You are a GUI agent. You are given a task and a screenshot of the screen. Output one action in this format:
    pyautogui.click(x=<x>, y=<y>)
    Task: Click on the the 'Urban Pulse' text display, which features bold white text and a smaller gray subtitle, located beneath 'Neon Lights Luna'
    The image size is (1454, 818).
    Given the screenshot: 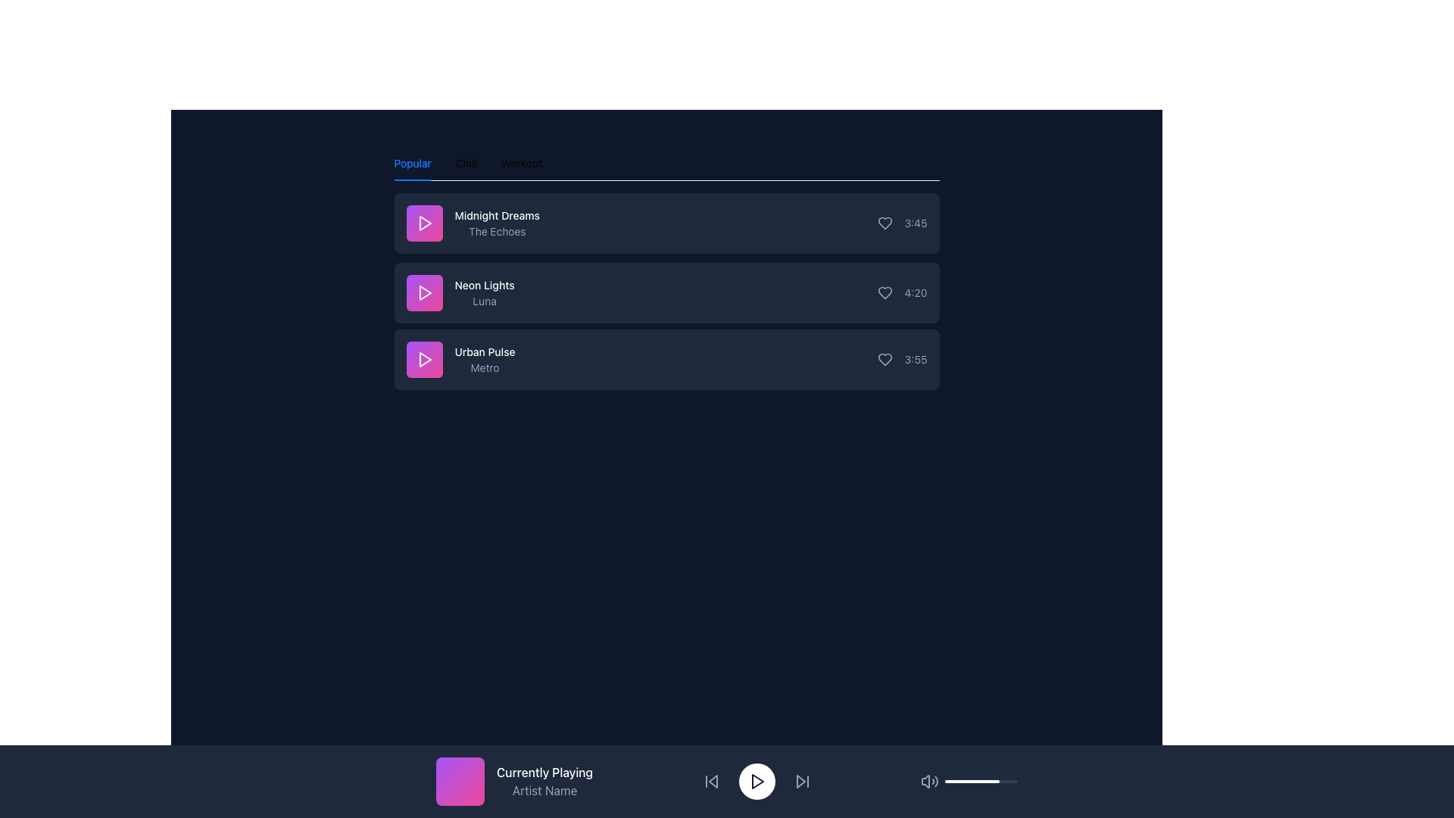 What is the action you would take?
    pyautogui.click(x=485, y=359)
    